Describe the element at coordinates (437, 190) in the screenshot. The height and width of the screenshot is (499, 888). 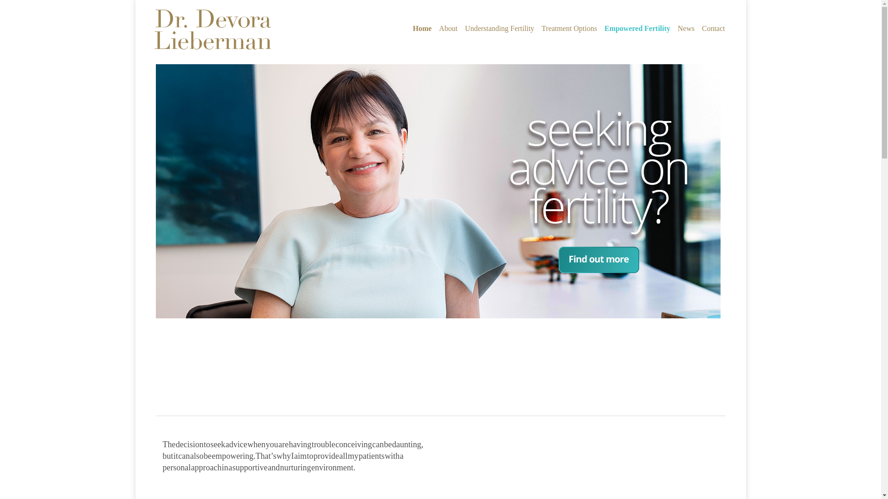
I see `'Advice on fertility'` at that location.